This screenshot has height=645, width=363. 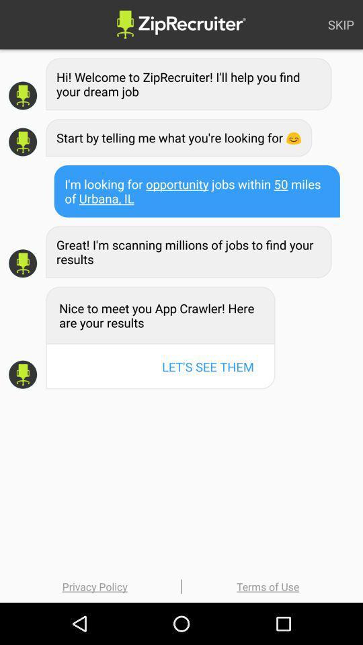 What do you see at coordinates (341, 24) in the screenshot?
I see `the skip` at bounding box center [341, 24].